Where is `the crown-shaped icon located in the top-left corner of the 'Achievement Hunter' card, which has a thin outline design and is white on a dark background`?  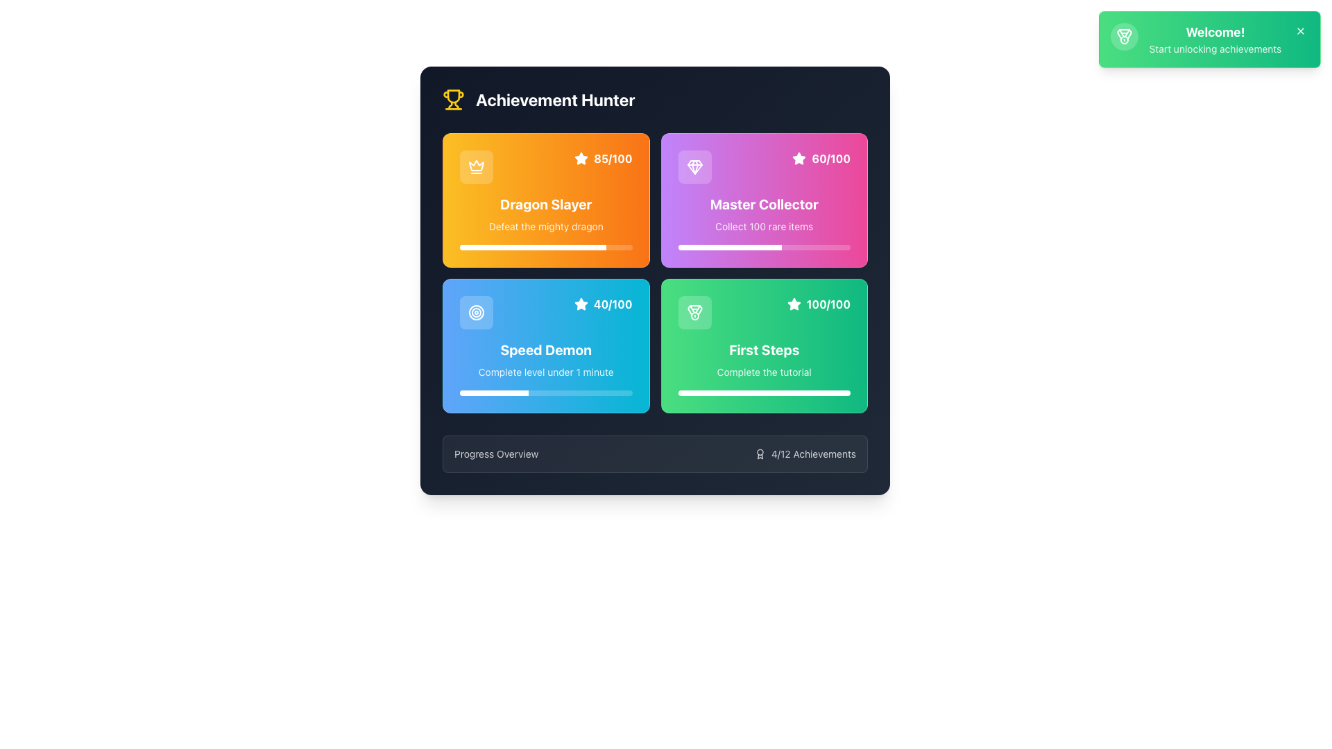 the crown-shaped icon located in the top-left corner of the 'Achievement Hunter' card, which has a thin outline design and is white on a dark background is located at coordinates (476, 165).